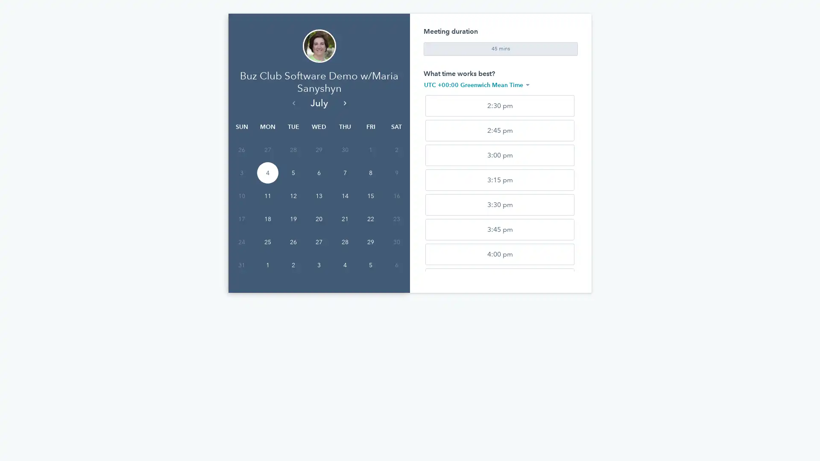  Describe the element at coordinates (293, 274) in the screenshot. I see `July 26th` at that location.